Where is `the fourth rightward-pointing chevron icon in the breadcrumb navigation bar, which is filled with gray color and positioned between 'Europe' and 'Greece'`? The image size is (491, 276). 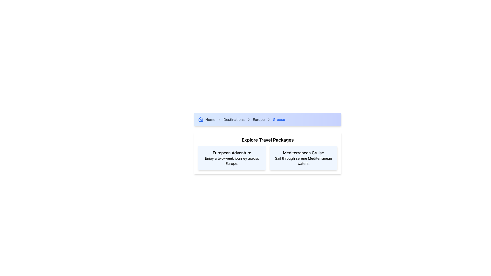
the fourth rightward-pointing chevron icon in the breadcrumb navigation bar, which is filled with gray color and positioned between 'Europe' and 'Greece' is located at coordinates (269, 119).